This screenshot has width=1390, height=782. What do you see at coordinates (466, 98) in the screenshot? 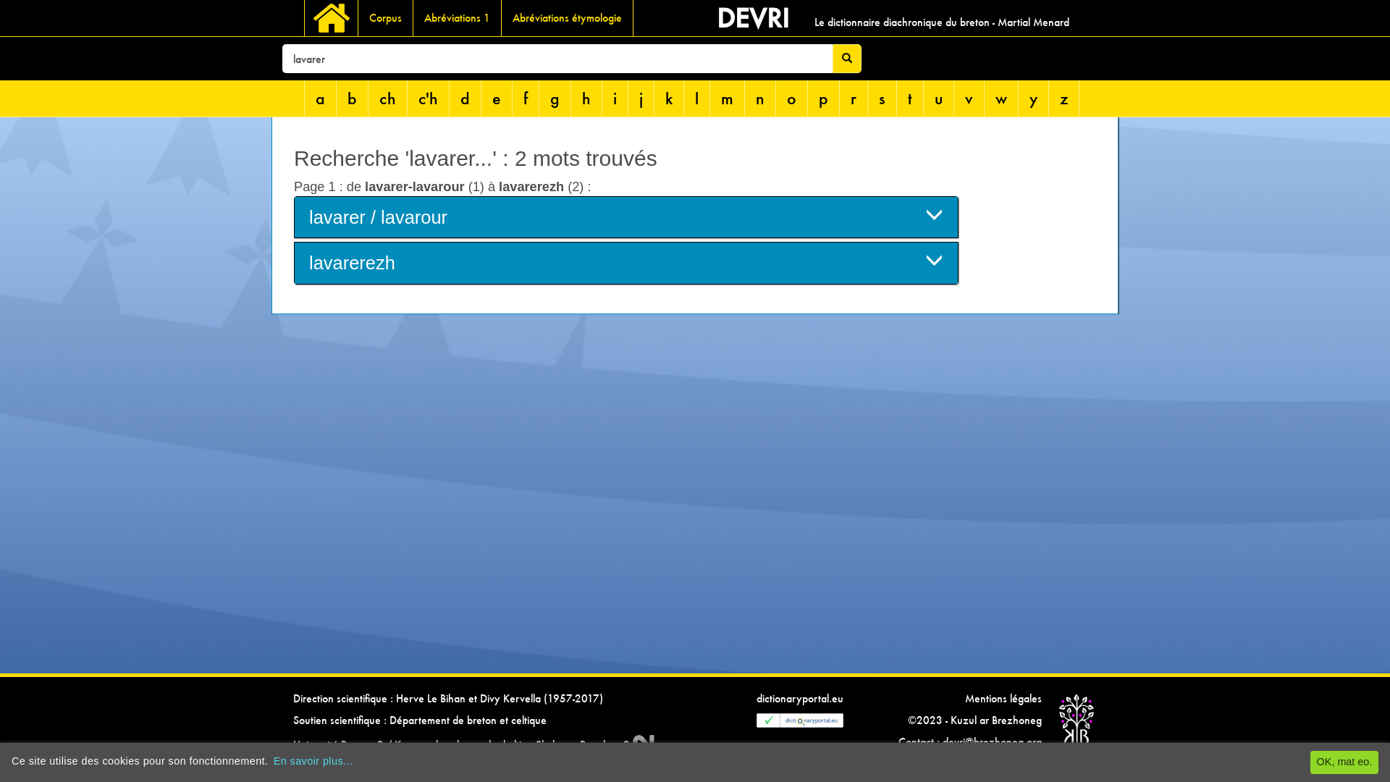
I see `'d'` at bounding box center [466, 98].